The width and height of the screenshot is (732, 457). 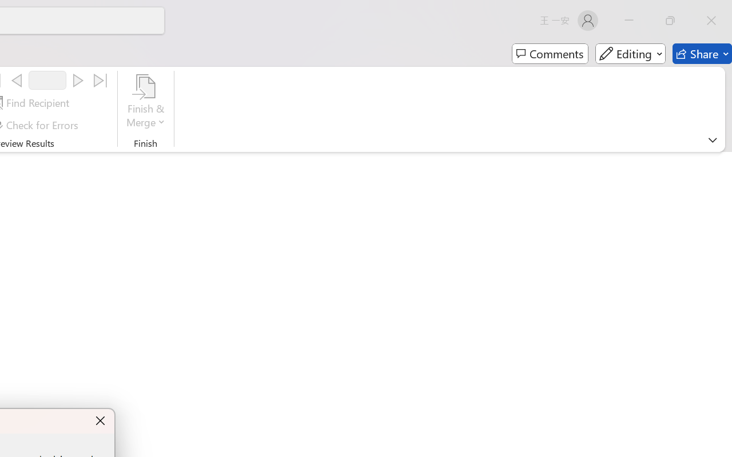 I want to click on 'Comments', so click(x=550, y=54).